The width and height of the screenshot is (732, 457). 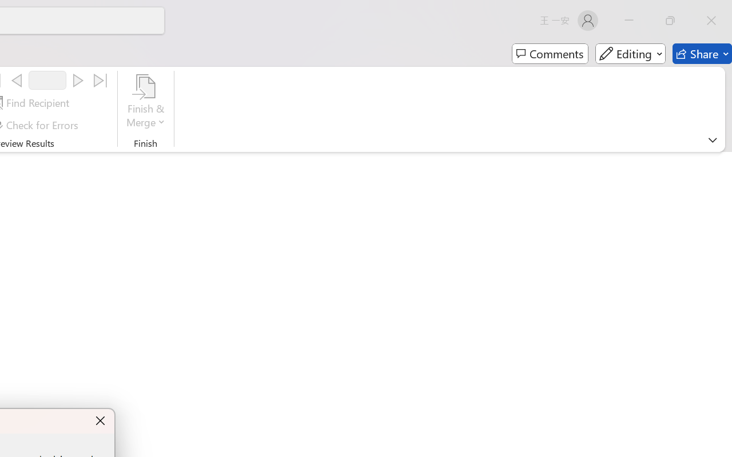 I want to click on 'Comments', so click(x=550, y=54).